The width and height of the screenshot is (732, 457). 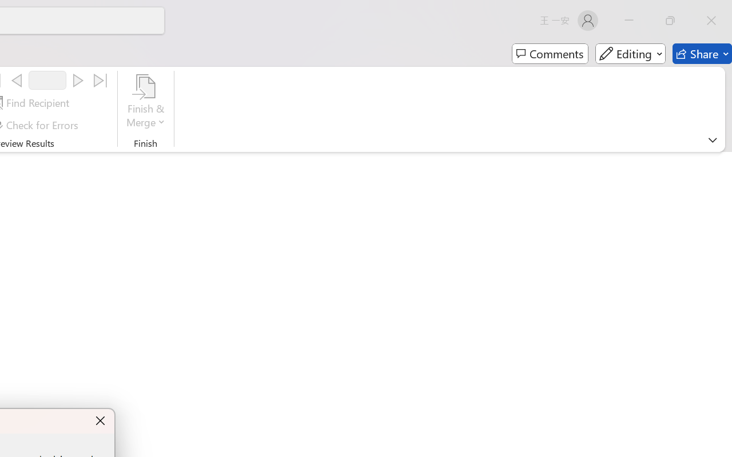 I want to click on 'Comments', so click(x=550, y=54).